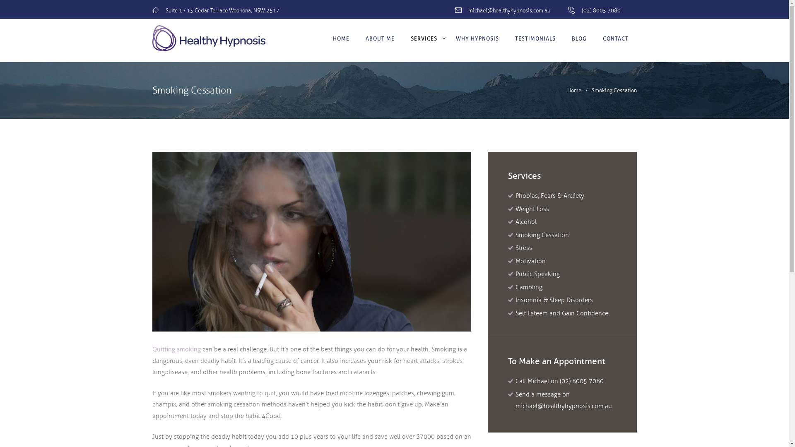  What do you see at coordinates (554, 300) in the screenshot?
I see `'Insomnia & Sleep Disorders'` at bounding box center [554, 300].